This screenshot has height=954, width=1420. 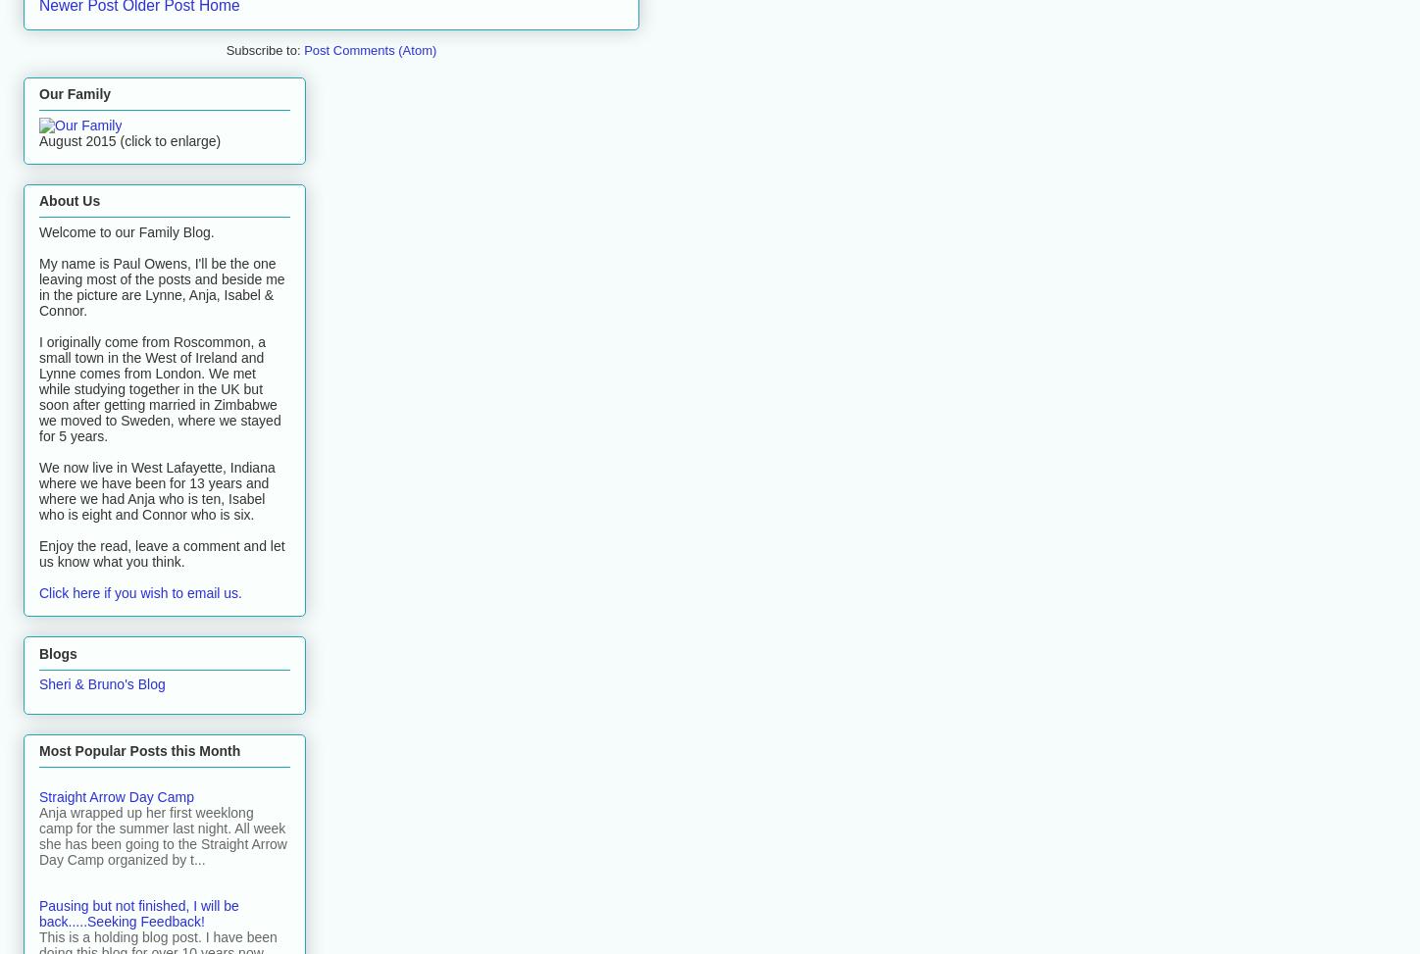 What do you see at coordinates (159, 387) in the screenshot?
I see `'I originally come from Roscommon, a small town in the West of Ireland and Lynne comes from London. We met while studying together in the UK but soon after getting married in Zimbabwe we moved to Sweden, where we stayed for 5 years.'` at bounding box center [159, 387].